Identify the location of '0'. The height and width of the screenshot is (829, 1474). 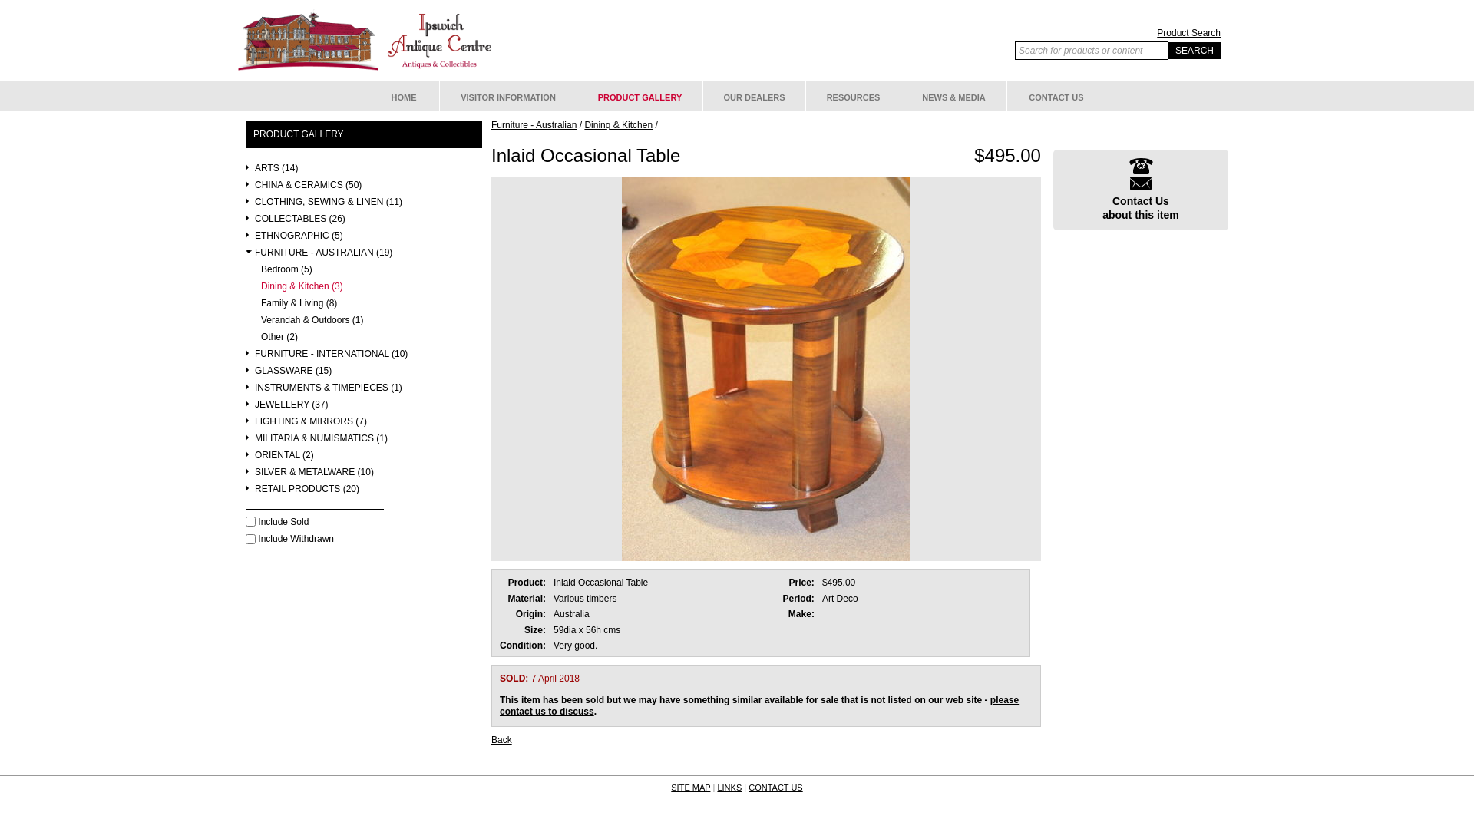
(250, 520).